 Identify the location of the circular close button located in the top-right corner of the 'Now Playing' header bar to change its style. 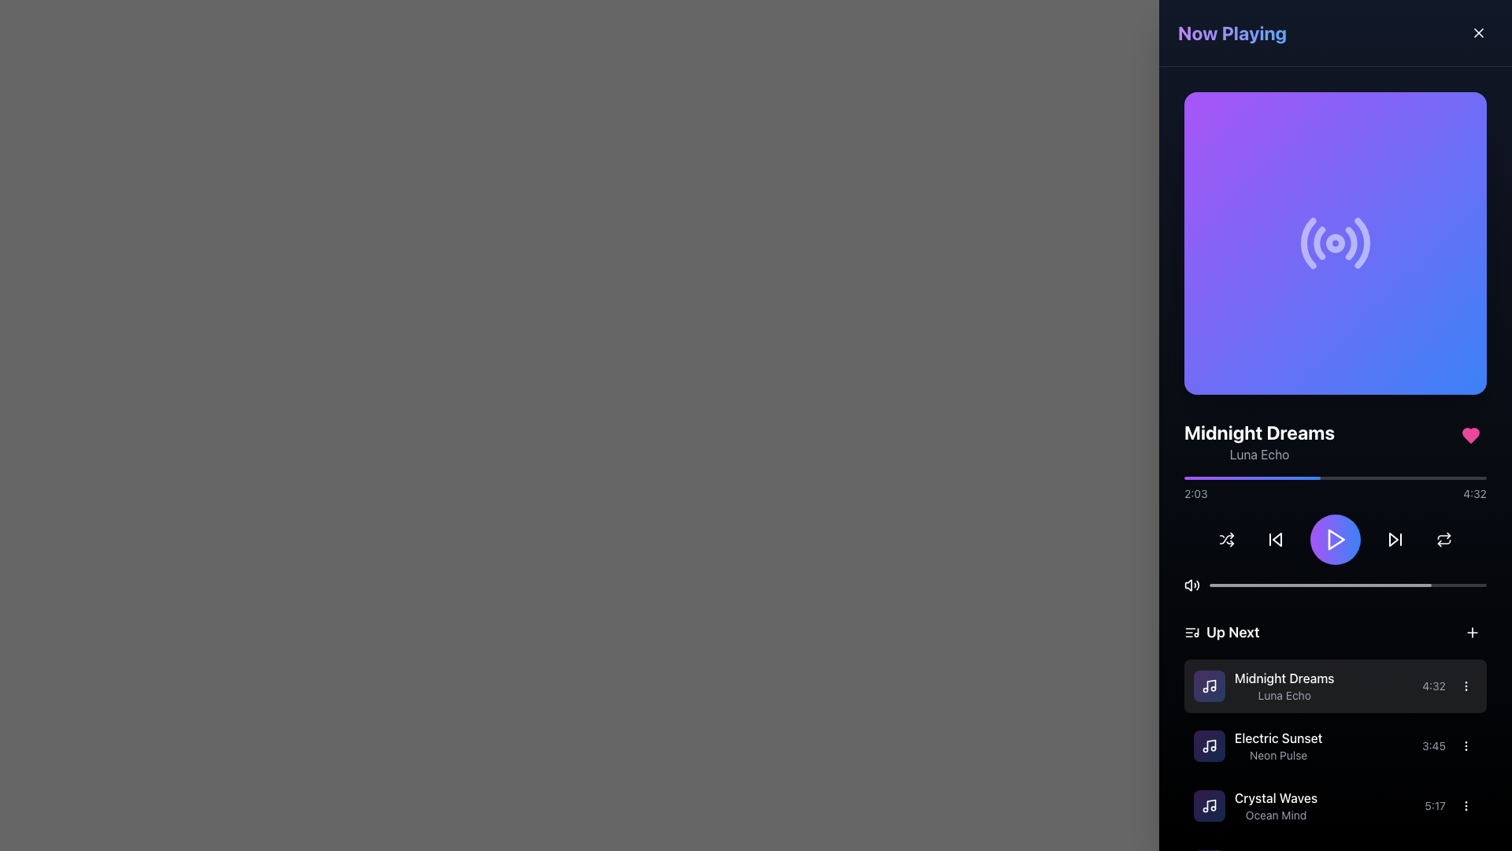
(1477, 33).